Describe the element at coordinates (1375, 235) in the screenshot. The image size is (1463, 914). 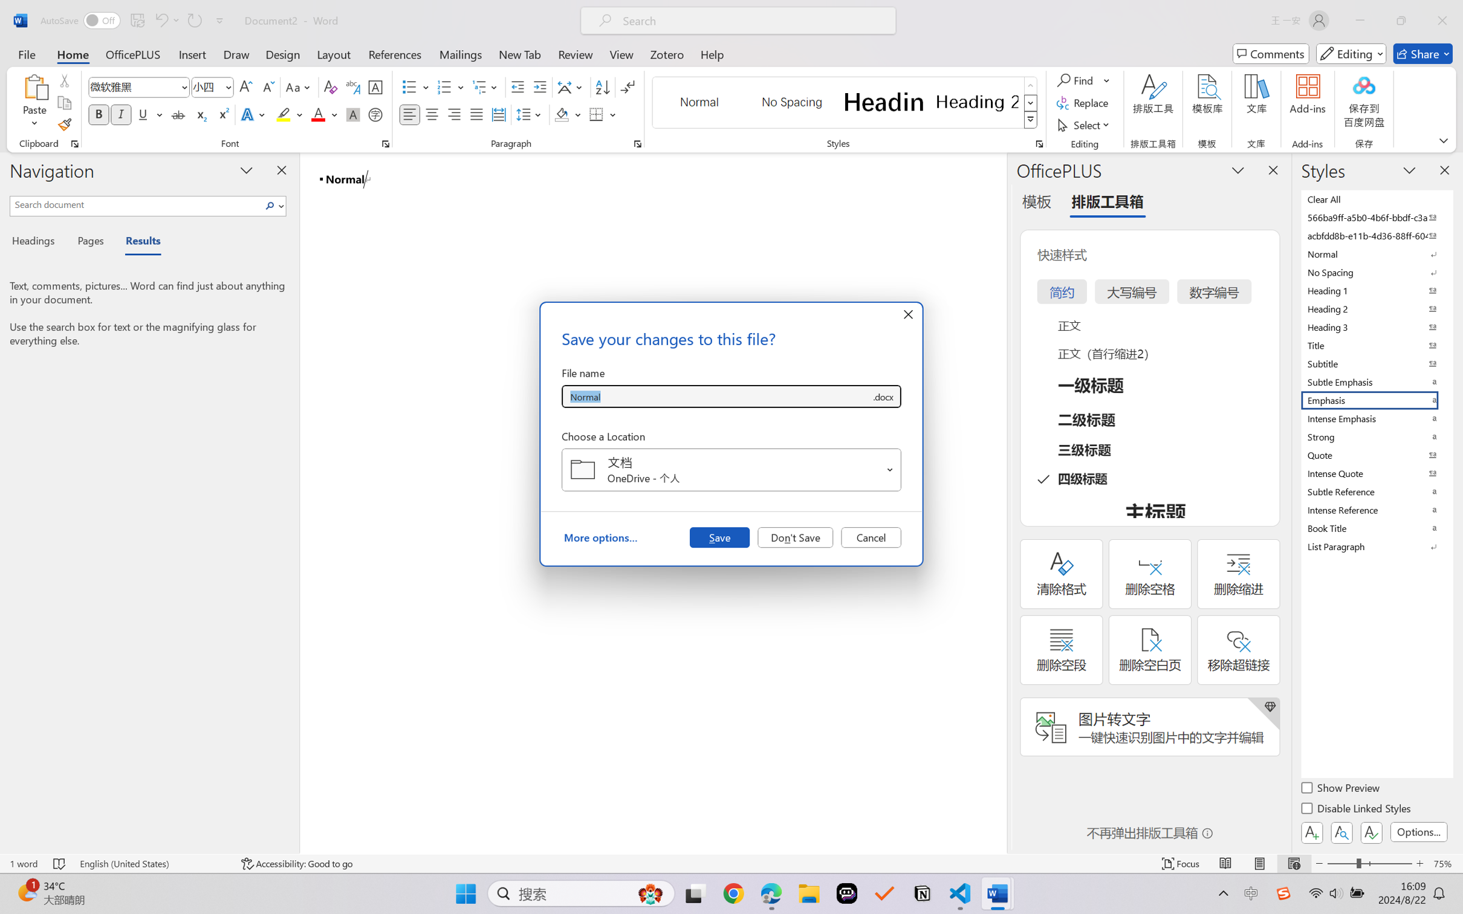
I see `'acbfdd8b-e11b-4d36-88ff-6049b138f862'` at that location.